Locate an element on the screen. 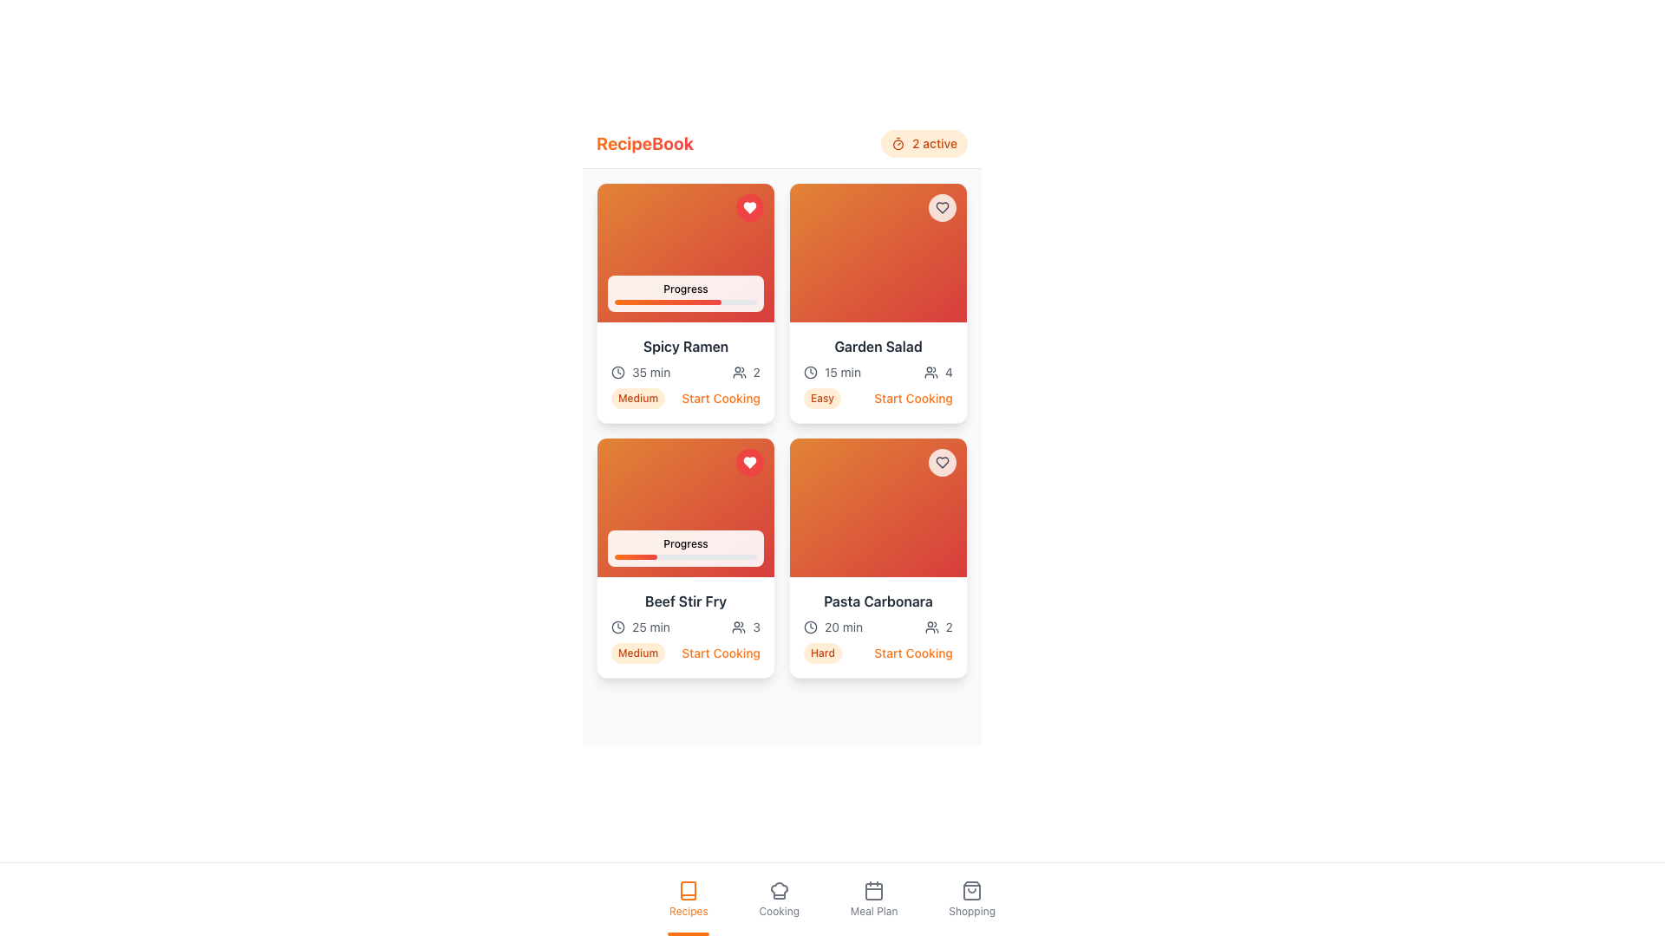  the heart-shaped icon located in the top-right corner of the second card in the 2x2 grid layout is located at coordinates (941, 461).